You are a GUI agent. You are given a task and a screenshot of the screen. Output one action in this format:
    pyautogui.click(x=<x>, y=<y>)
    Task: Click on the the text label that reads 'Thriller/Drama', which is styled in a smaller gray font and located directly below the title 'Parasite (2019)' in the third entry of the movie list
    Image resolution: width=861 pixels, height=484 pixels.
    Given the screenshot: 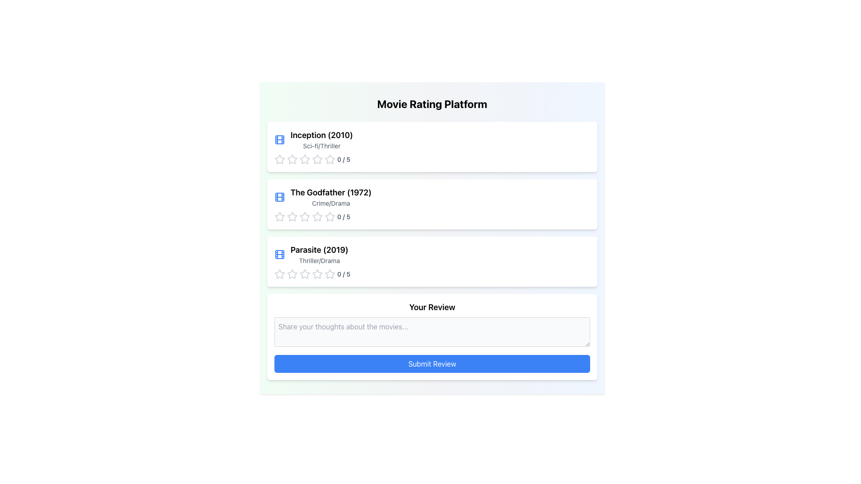 What is the action you would take?
    pyautogui.click(x=319, y=261)
    